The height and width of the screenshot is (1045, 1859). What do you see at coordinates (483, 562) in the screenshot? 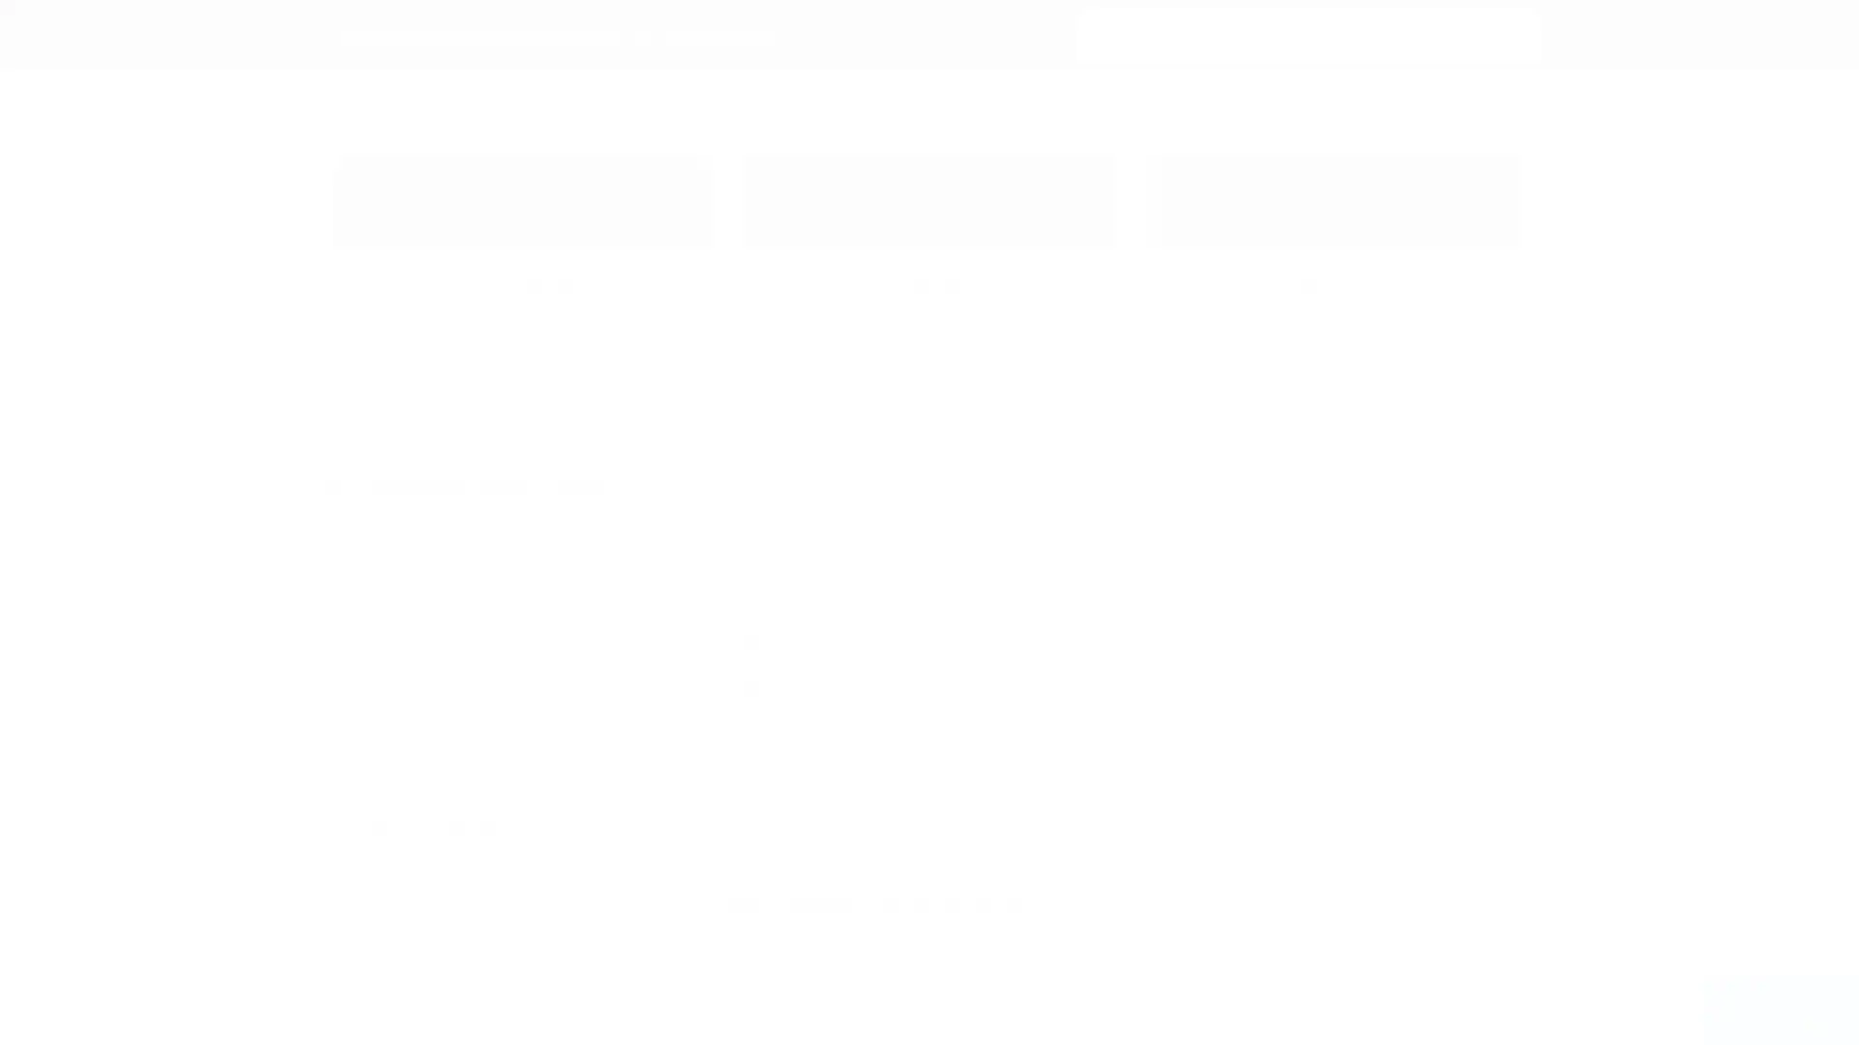
I see `Common issues` at bounding box center [483, 562].